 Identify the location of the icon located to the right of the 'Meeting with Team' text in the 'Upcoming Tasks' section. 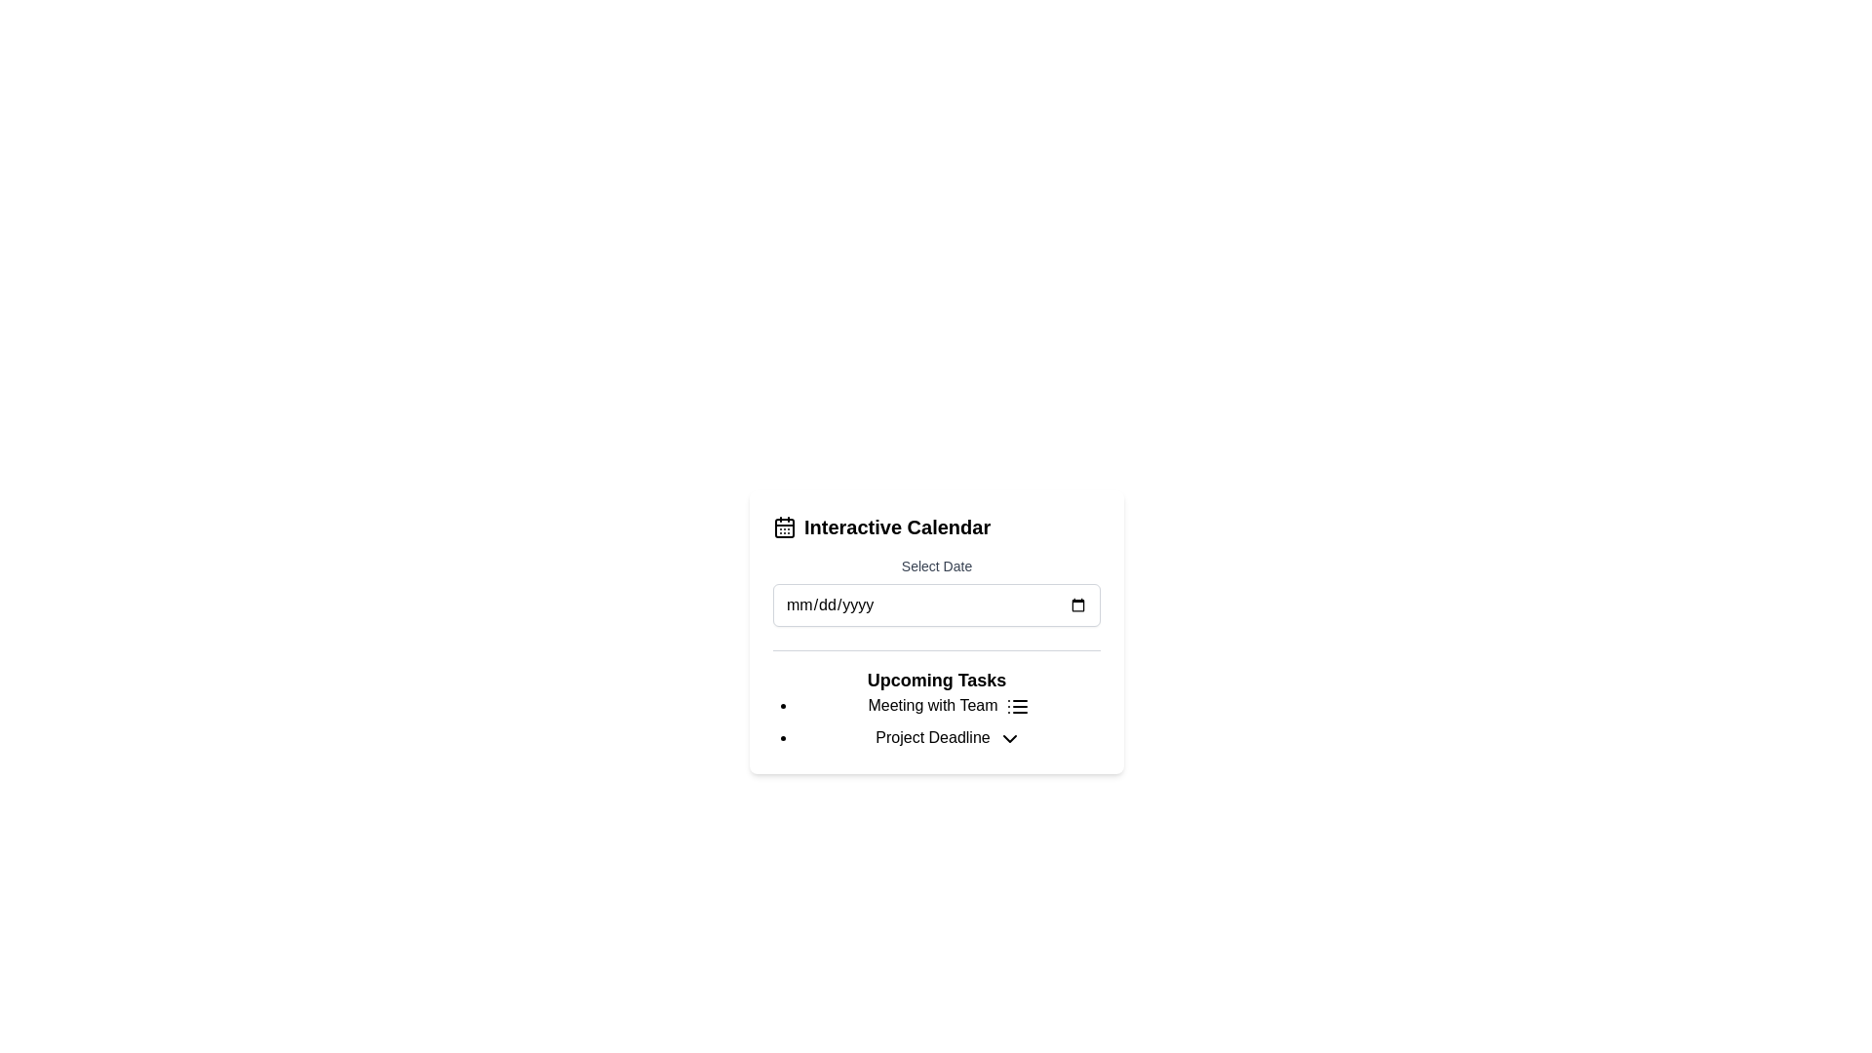
(1016, 706).